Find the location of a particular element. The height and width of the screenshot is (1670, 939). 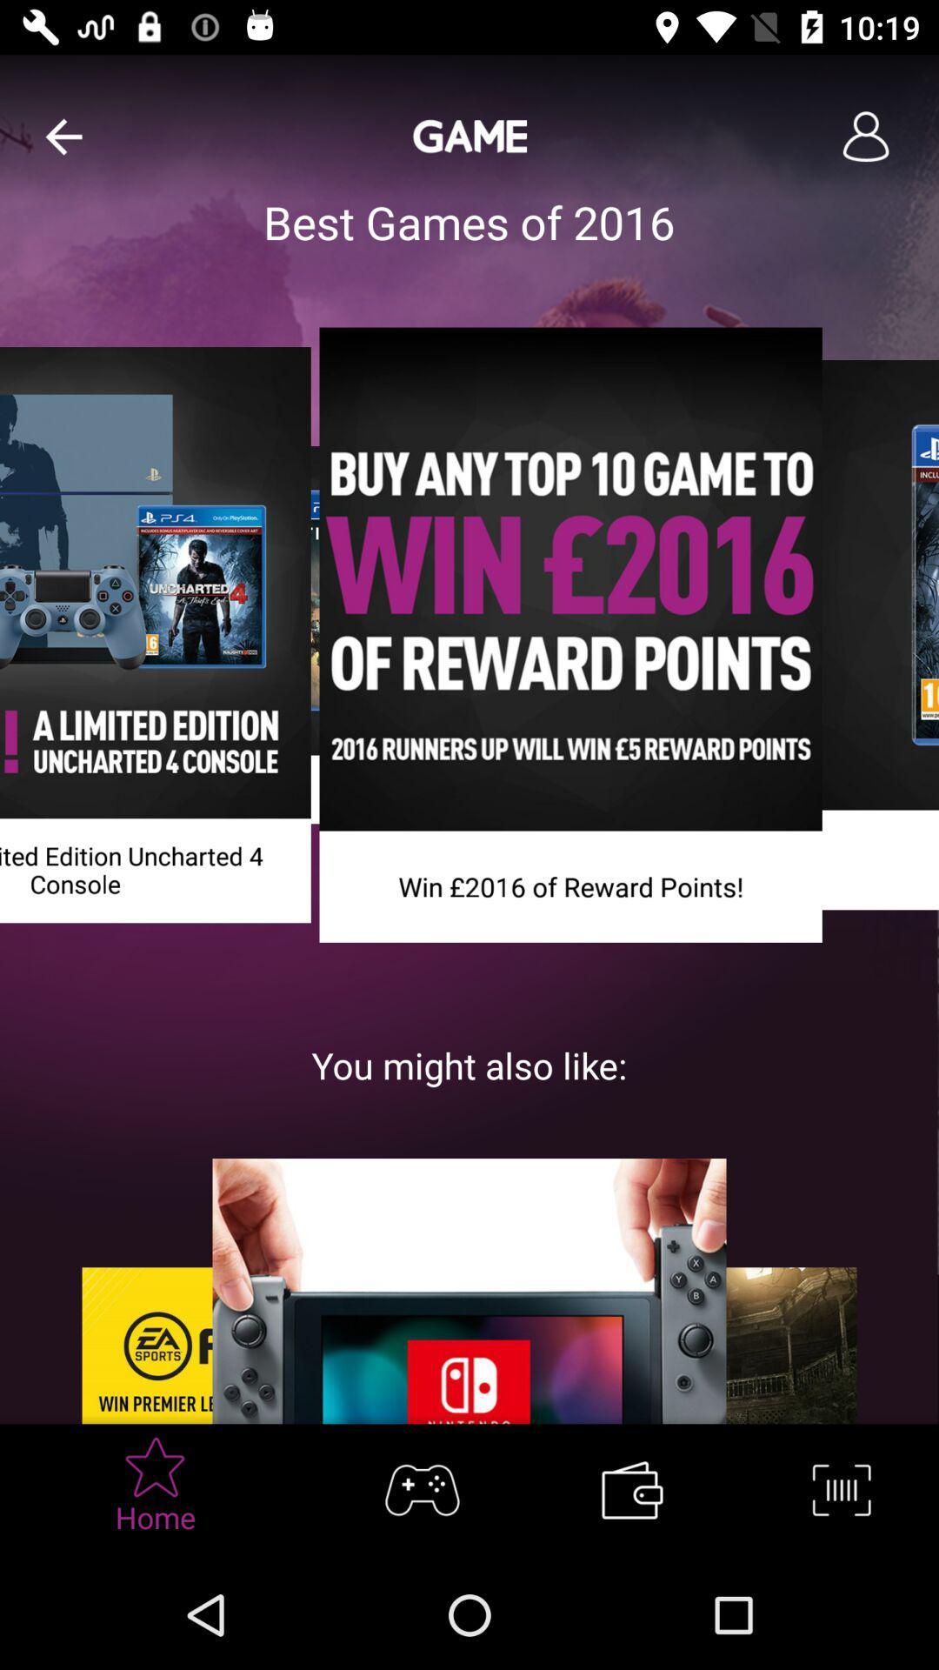

bar code icon is located at coordinates (837, 1491).